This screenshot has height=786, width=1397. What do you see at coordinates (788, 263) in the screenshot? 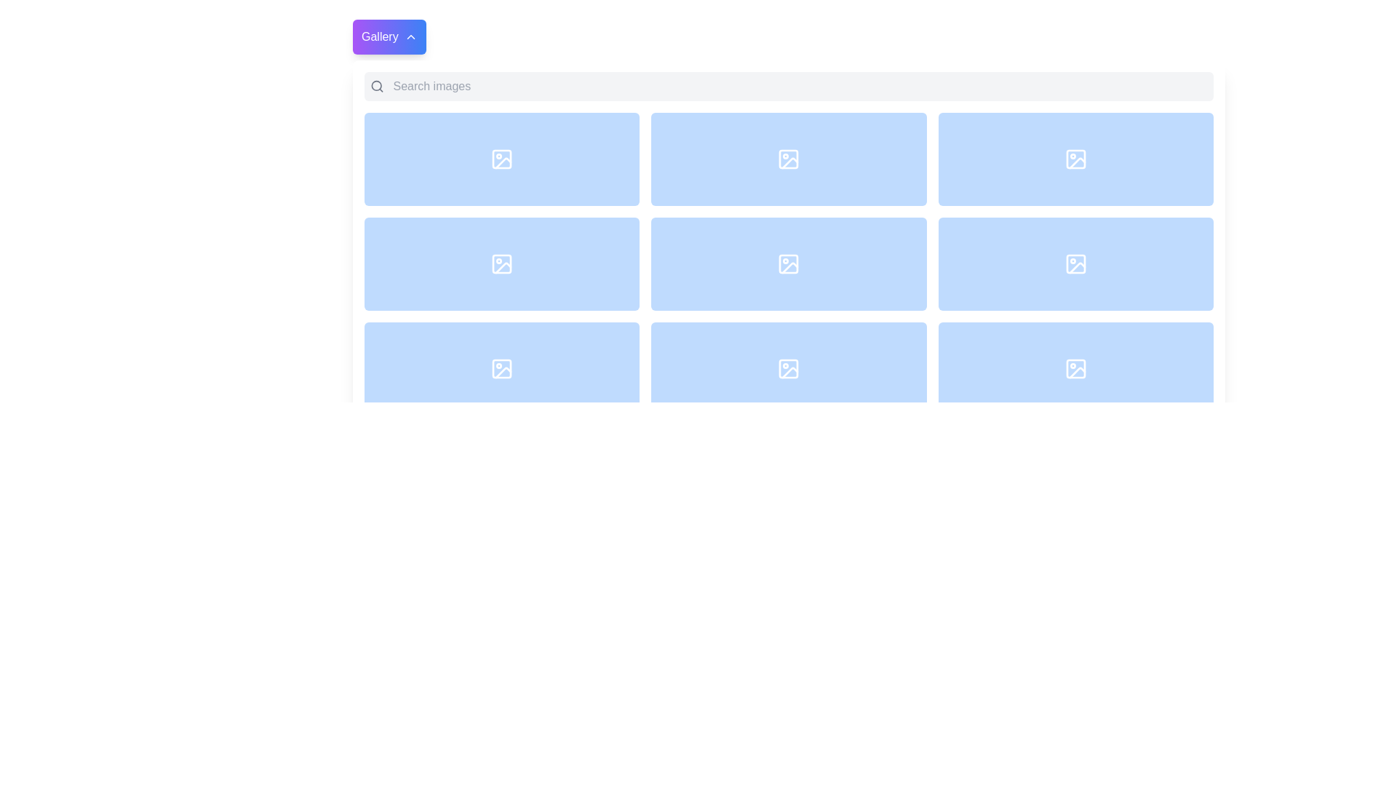
I see `the SVG rectangle representing the image icon located in the center of the second row of a 3x3 grid` at bounding box center [788, 263].